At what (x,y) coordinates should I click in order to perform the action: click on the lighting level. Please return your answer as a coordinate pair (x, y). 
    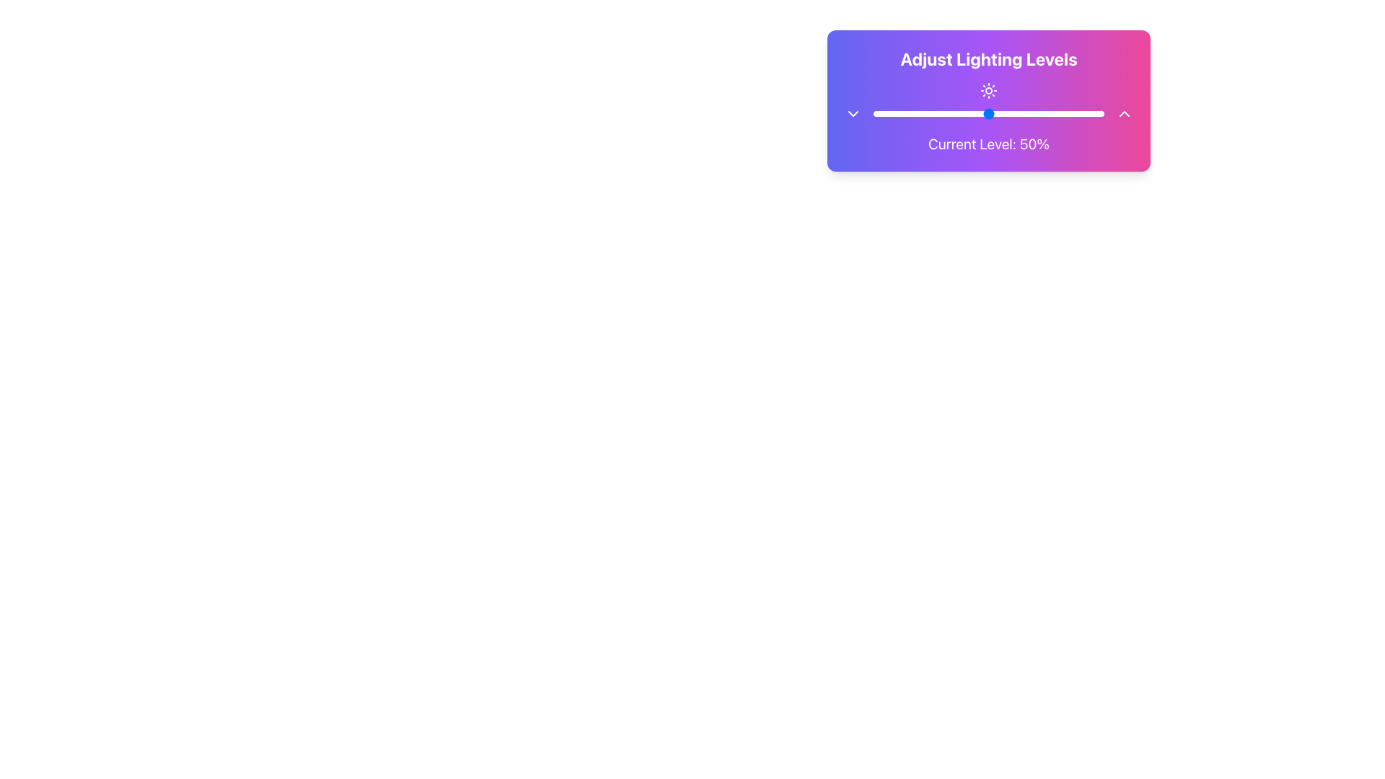
    Looking at the image, I should click on (1042, 113).